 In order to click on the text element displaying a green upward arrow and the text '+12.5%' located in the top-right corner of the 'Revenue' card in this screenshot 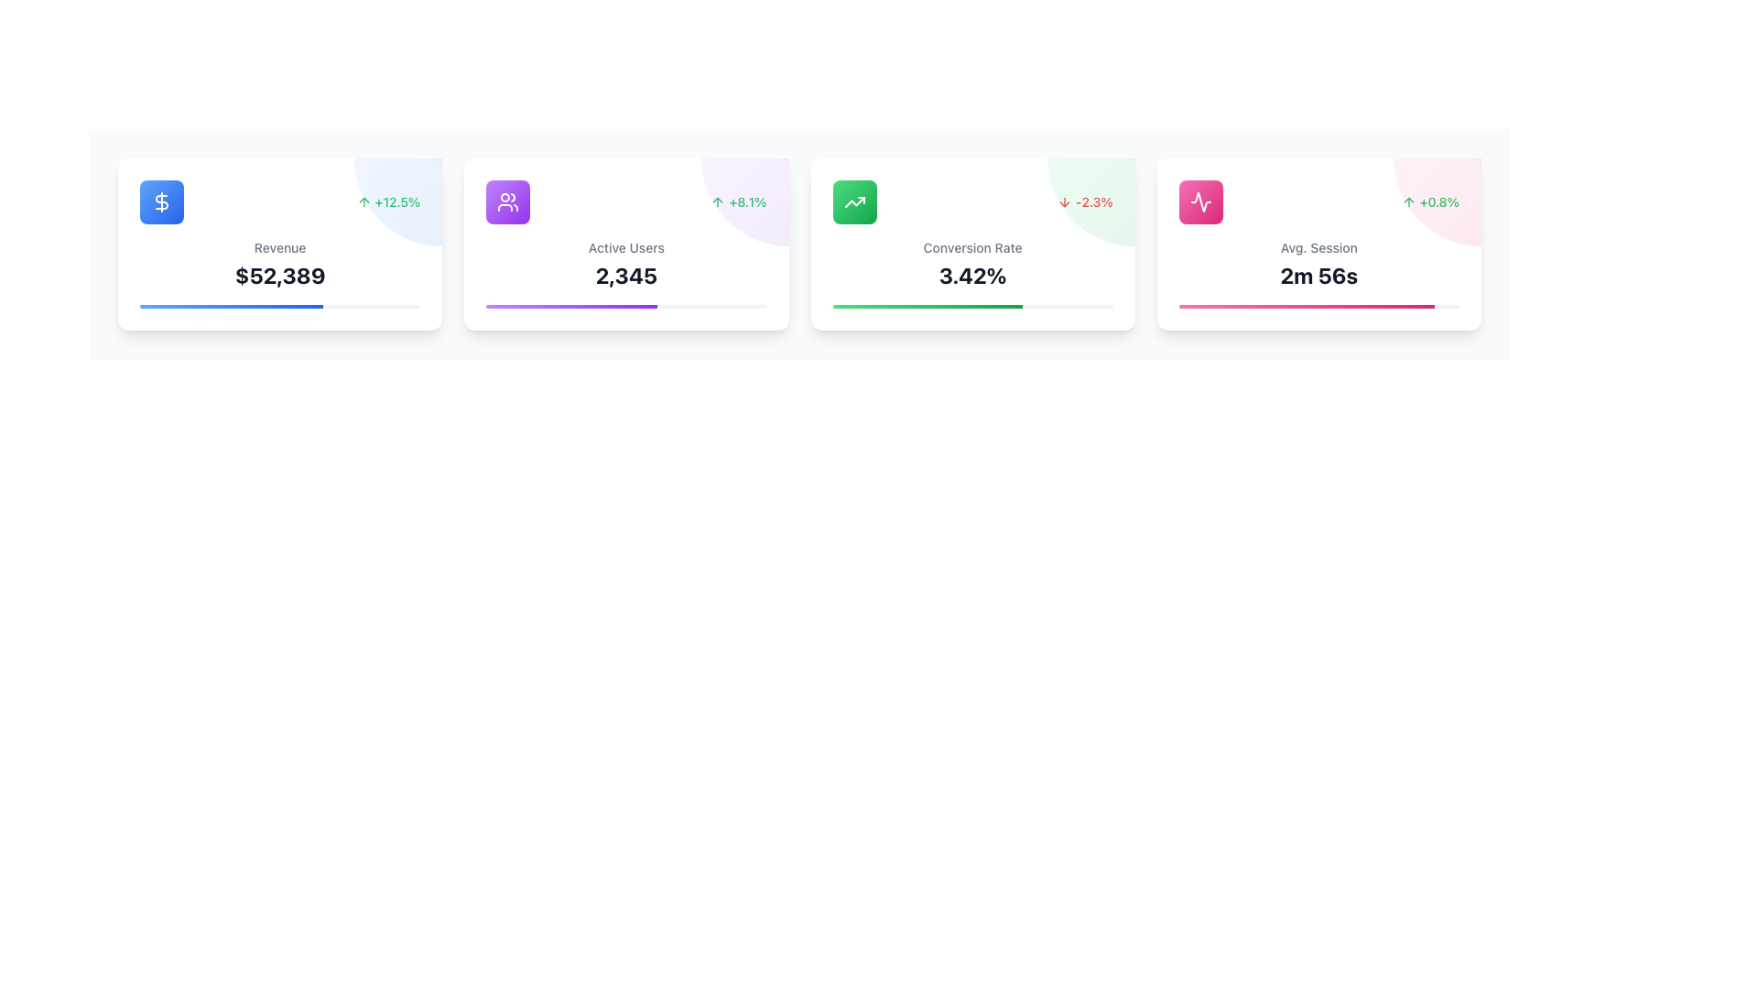, I will do `click(387, 201)`.